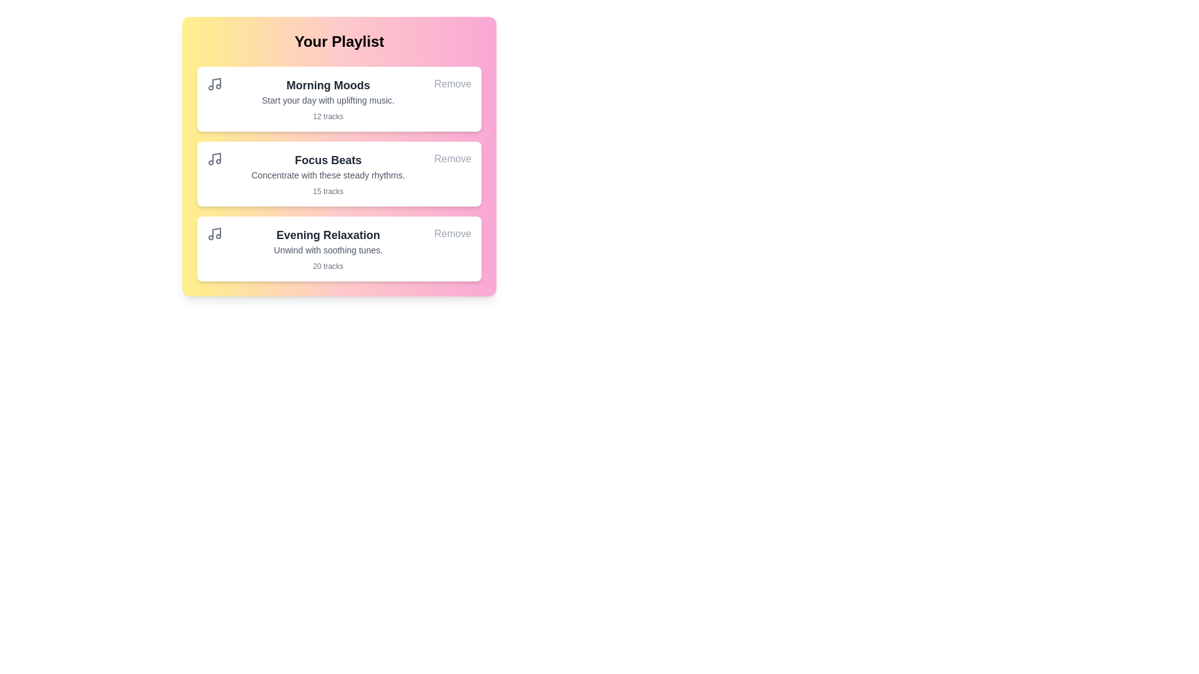 The width and height of the screenshot is (1199, 674). What do you see at coordinates (215, 84) in the screenshot?
I see `the music icon for the playlist item Morning Moods` at bounding box center [215, 84].